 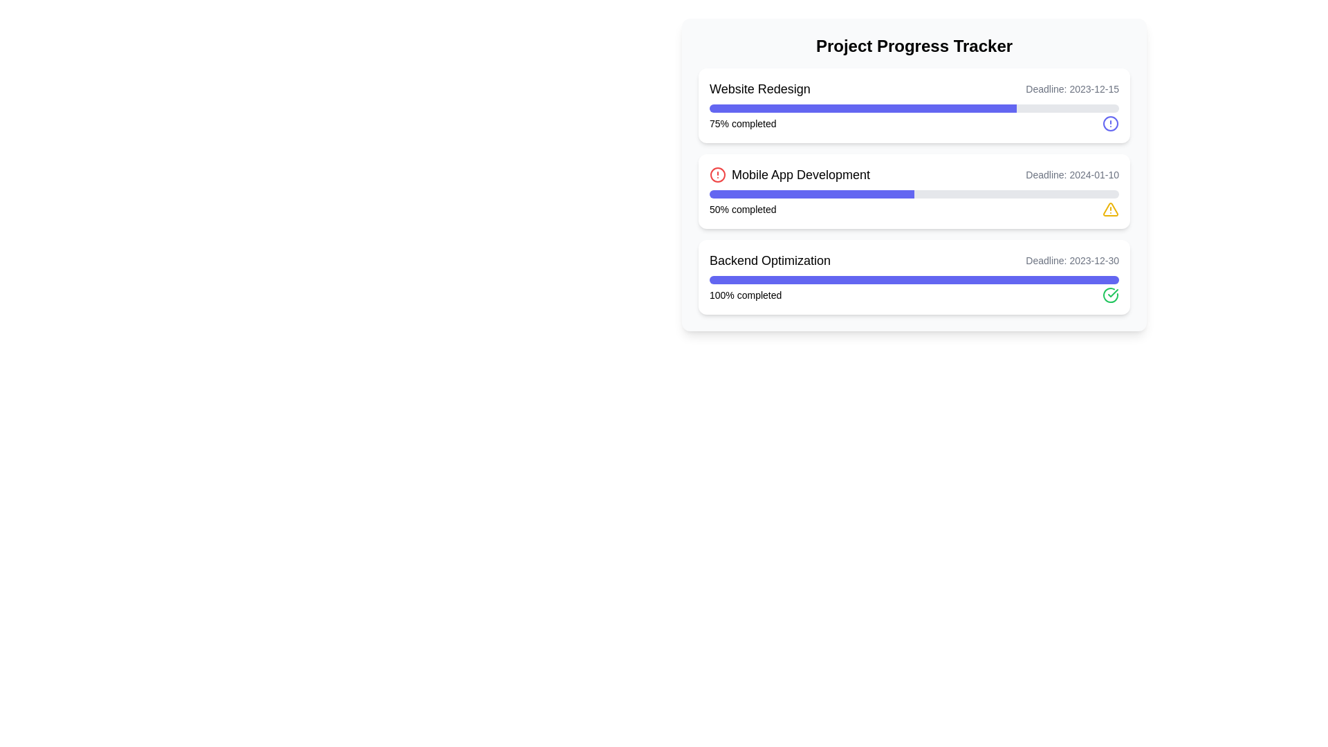 I want to click on the text label that indicates the progress percentage for 'Mobile App Development', which is located beneath the progress bar and aligned to the left margin, so click(x=742, y=210).